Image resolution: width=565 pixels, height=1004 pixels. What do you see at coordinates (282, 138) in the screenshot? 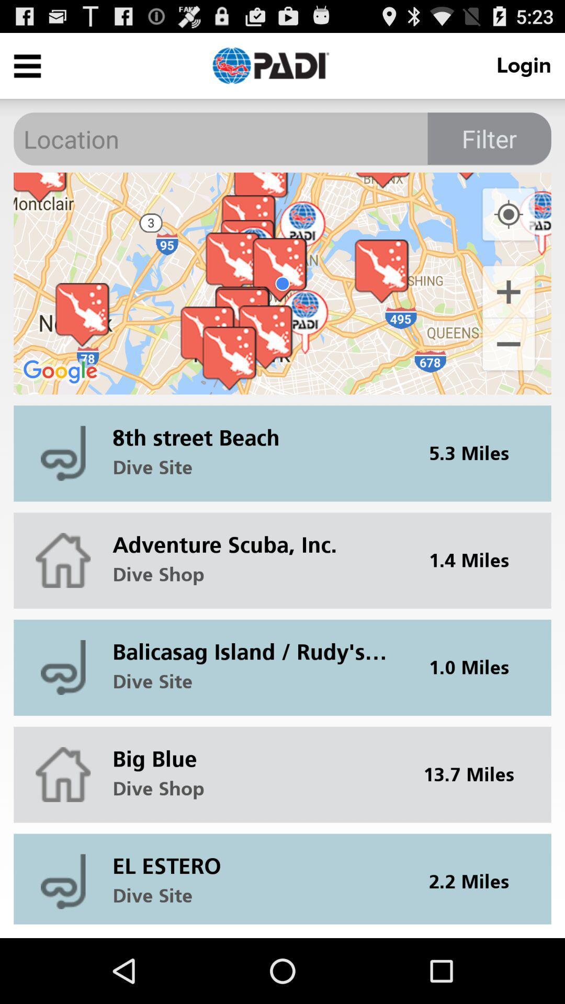
I see `type in location` at bounding box center [282, 138].